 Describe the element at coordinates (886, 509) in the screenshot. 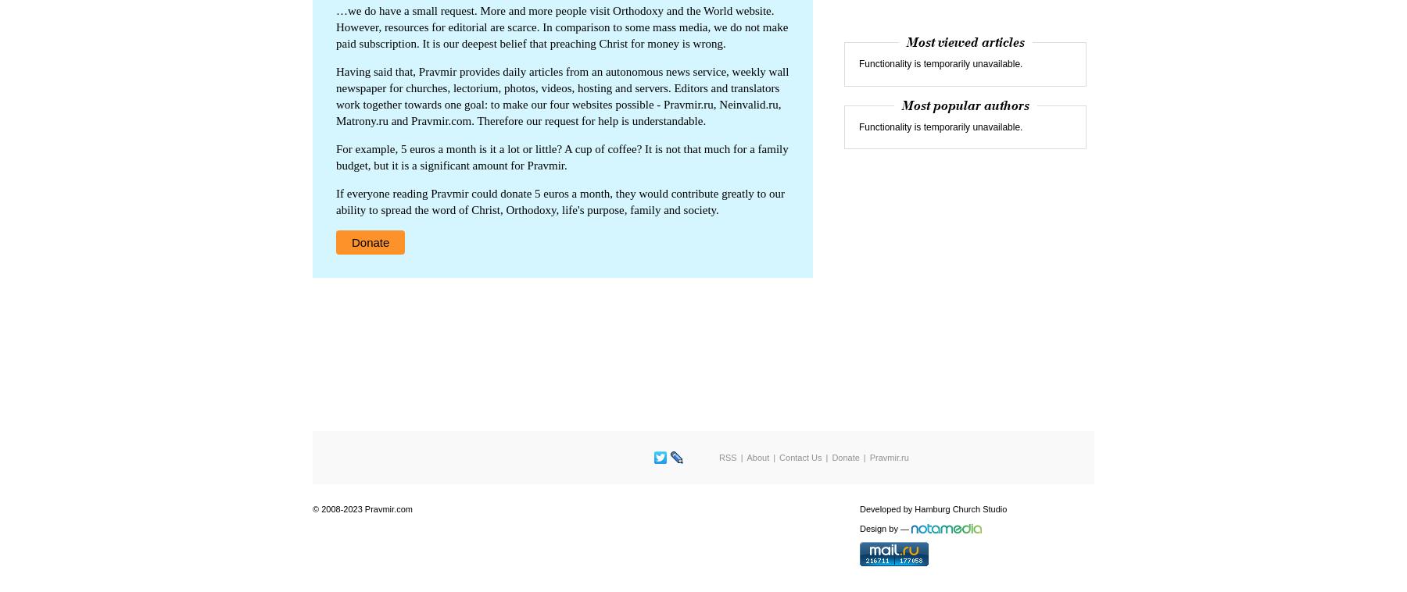

I see `'Developed by'` at that location.